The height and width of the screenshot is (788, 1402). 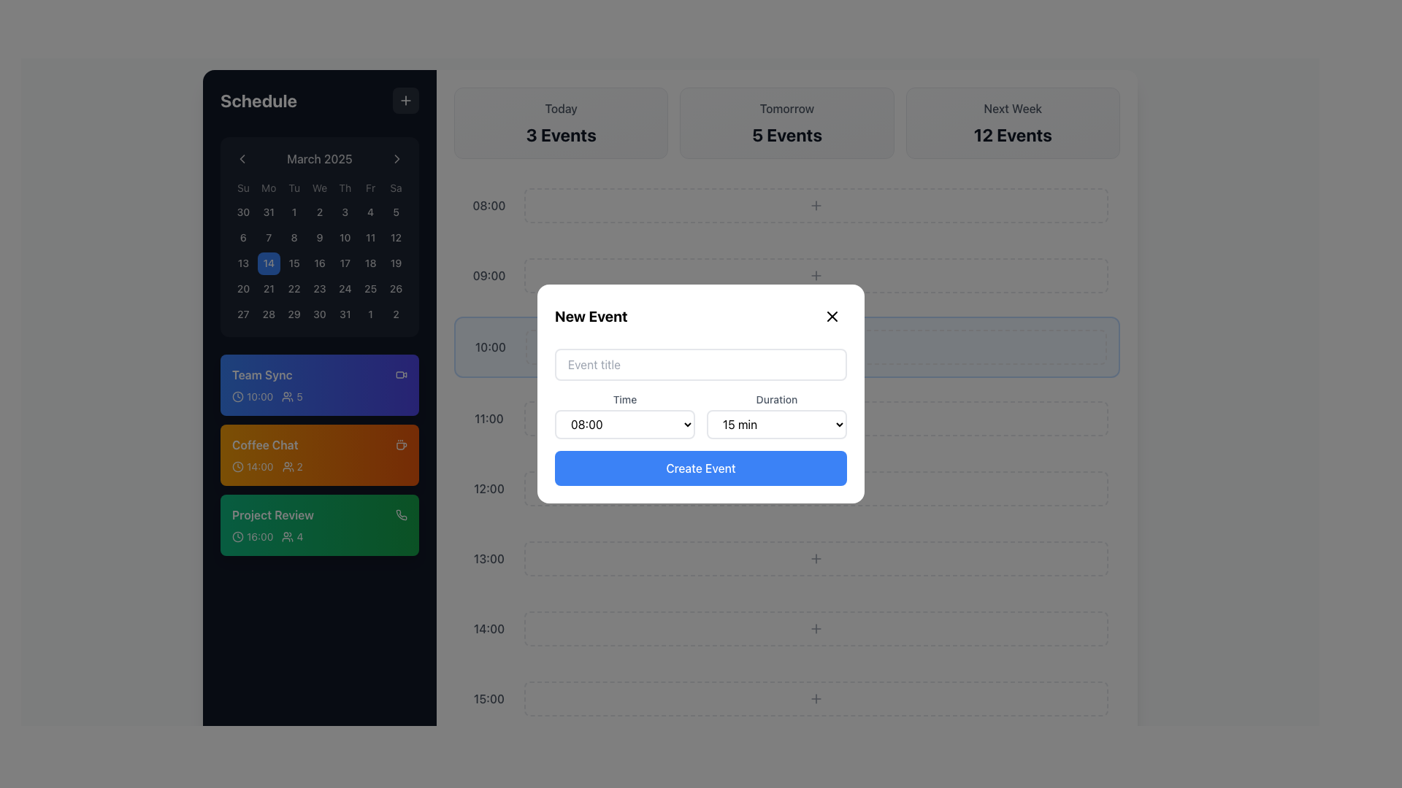 I want to click on the button located in the left sidebar, adjacent to the heading 'March 2025', so click(x=242, y=159).